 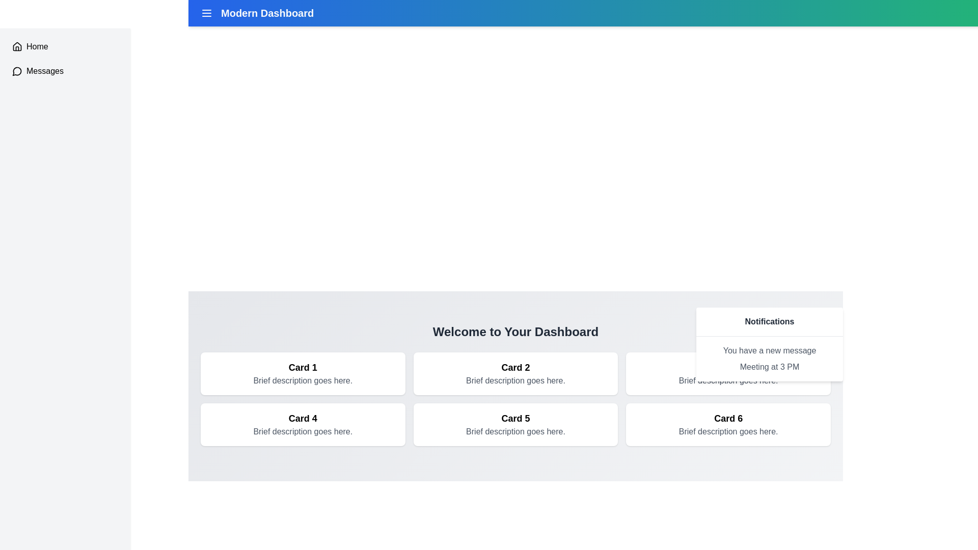 I want to click on the text label displaying the title 'Card 4' for accessibility purposes, so click(x=302, y=418).